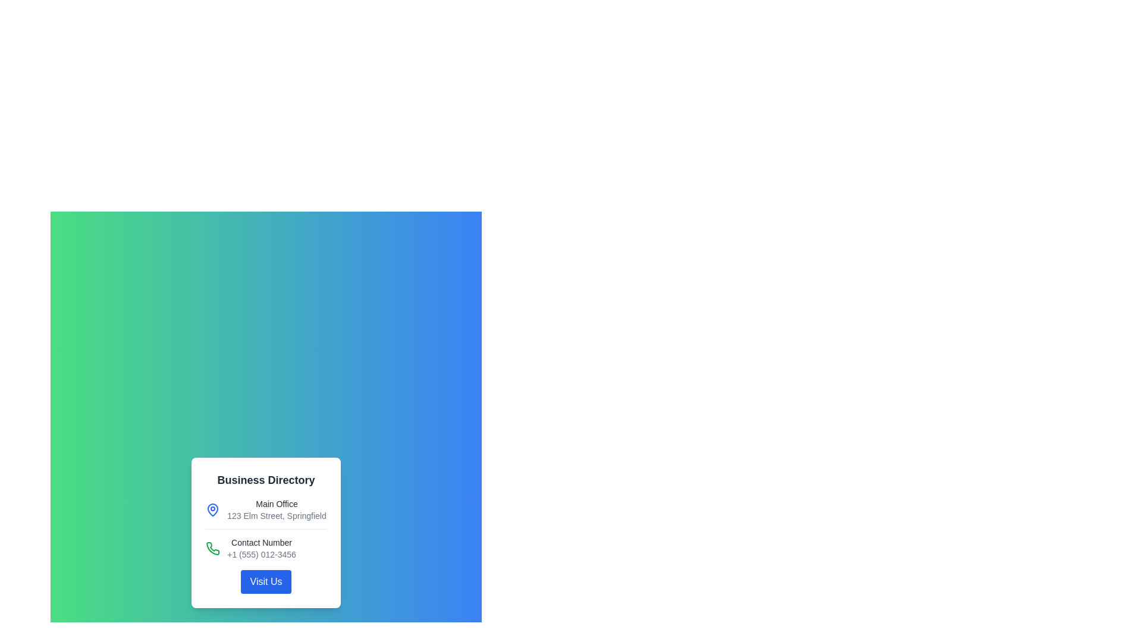  Describe the element at coordinates (261, 548) in the screenshot. I see `the Text Display element that shows 'Contact Number' and the phone number '+1 (555) 012-3456', located below the address section in the lower-middle section of the card under the 'Business Directory' heading` at that location.